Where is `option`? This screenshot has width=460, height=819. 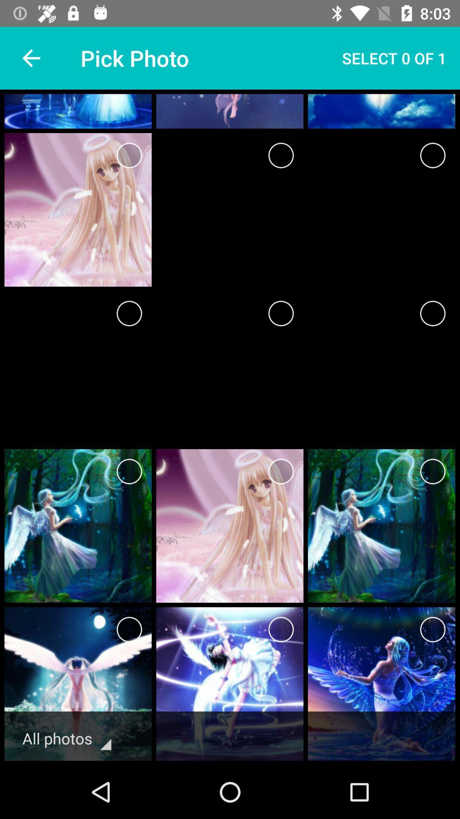 option is located at coordinates (129, 471).